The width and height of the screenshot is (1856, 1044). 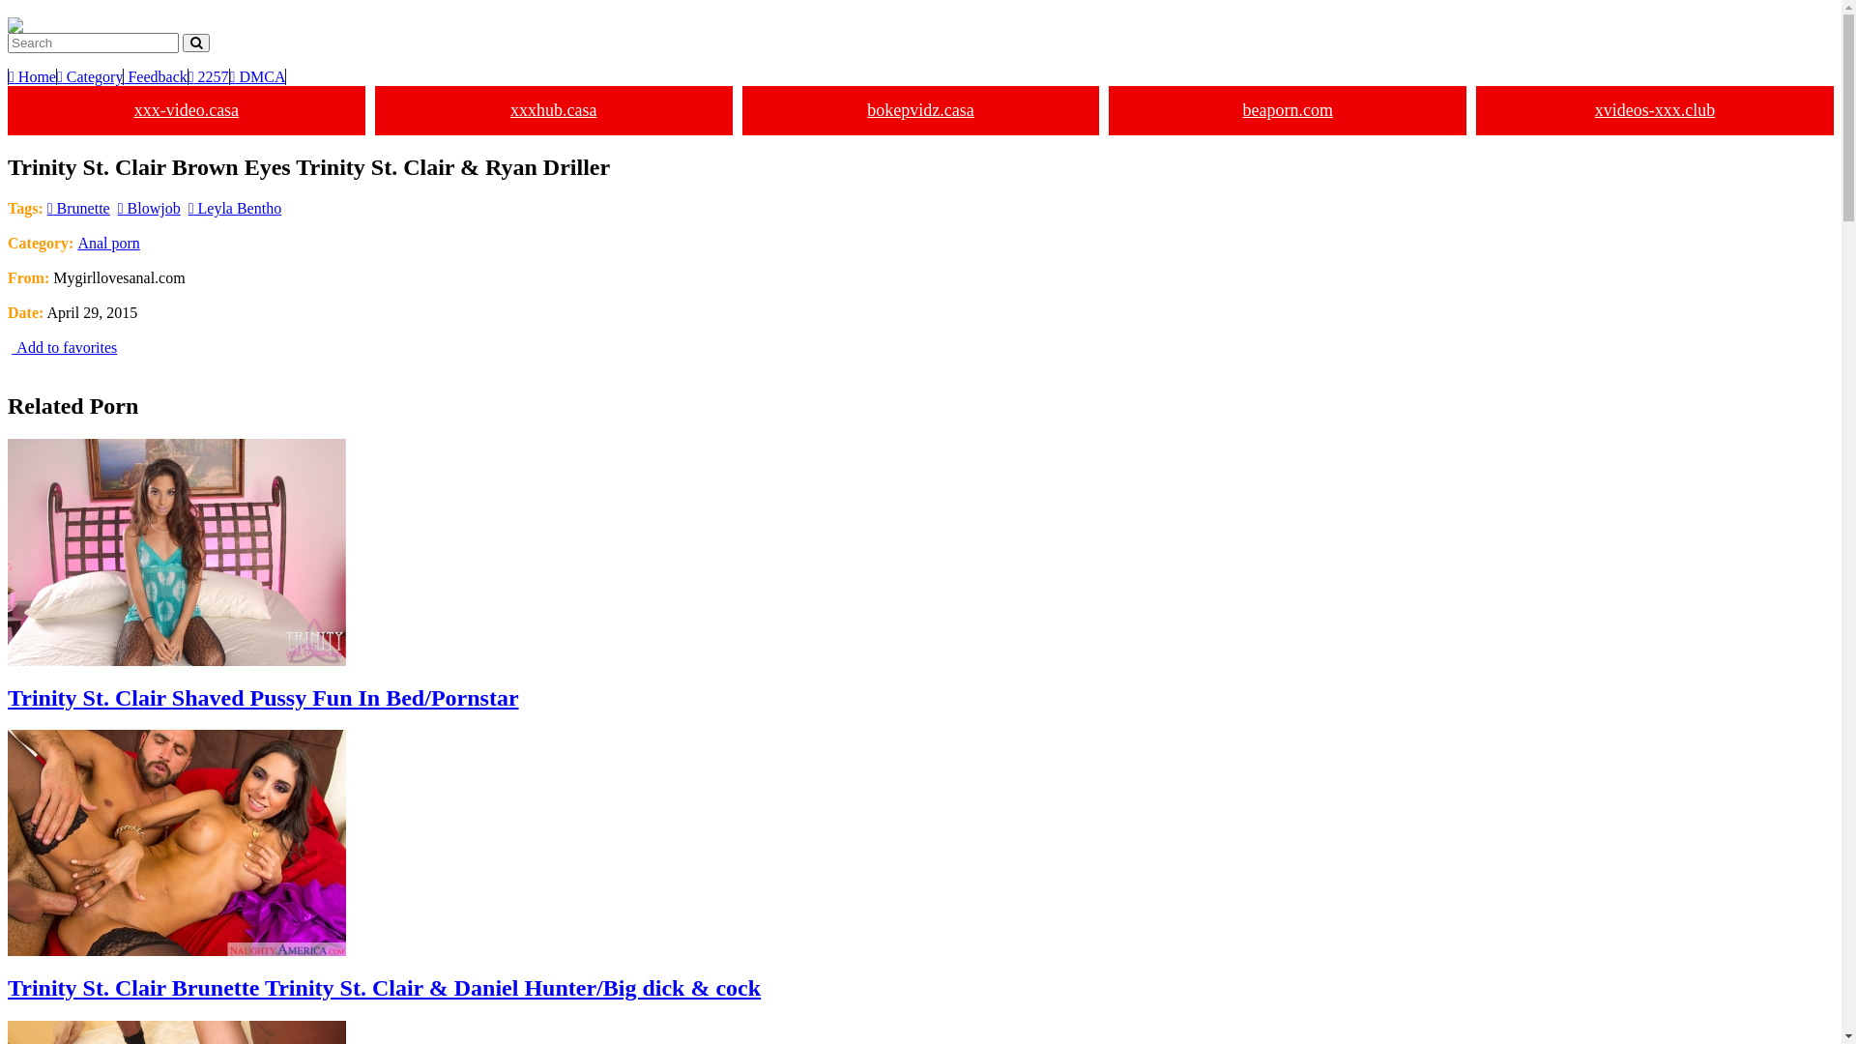 What do you see at coordinates (62, 346) in the screenshot?
I see `'Add to favorites'` at bounding box center [62, 346].